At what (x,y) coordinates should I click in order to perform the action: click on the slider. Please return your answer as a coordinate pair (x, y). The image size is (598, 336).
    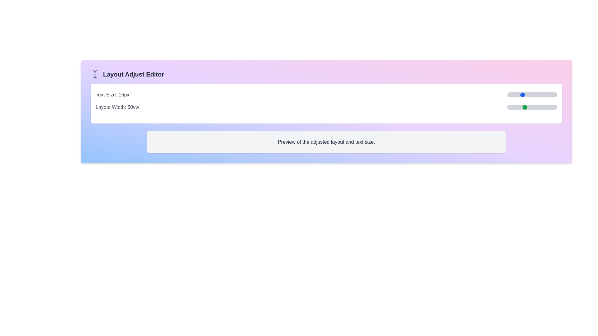
    Looking at the image, I should click on (550, 107).